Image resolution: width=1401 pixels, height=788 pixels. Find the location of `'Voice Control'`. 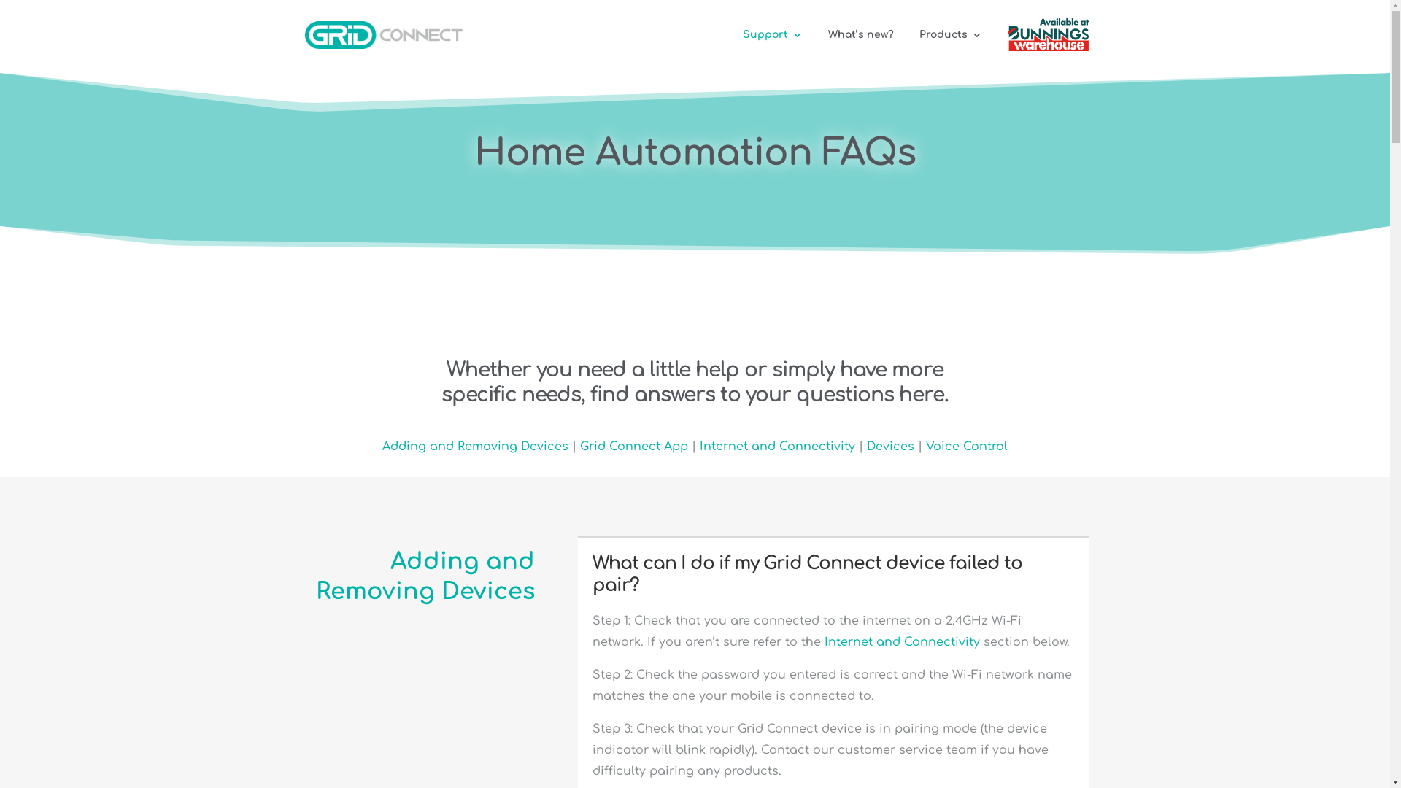

'Voice Control' is located at coordinates (966, 446).